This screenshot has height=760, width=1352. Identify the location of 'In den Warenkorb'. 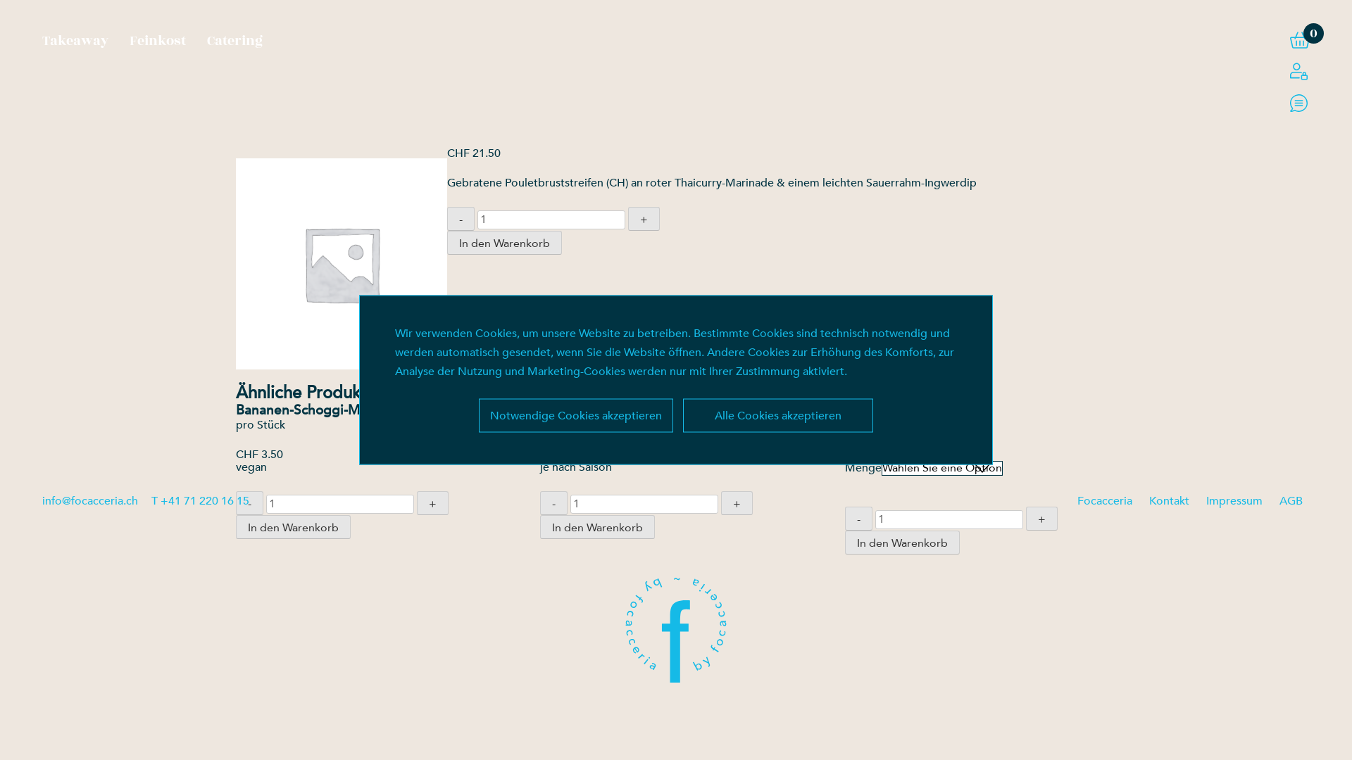
(902, 542).